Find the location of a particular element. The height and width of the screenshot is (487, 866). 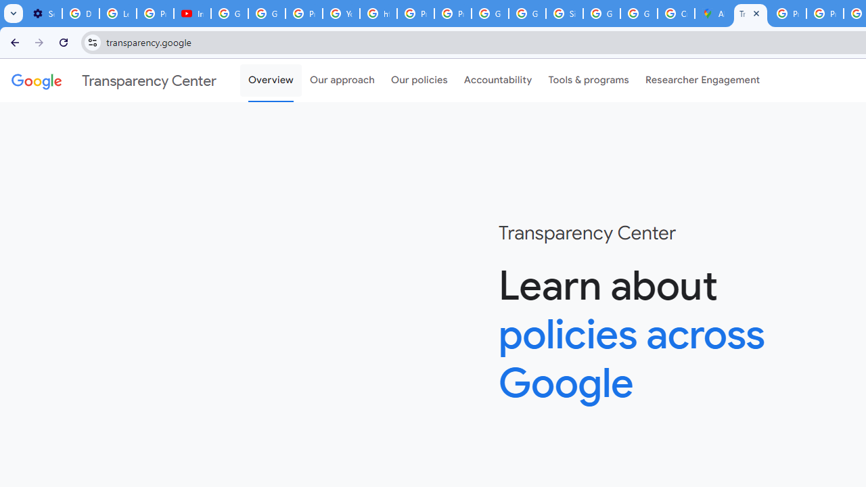

'YouTube' is located at coordinates (341, 14).